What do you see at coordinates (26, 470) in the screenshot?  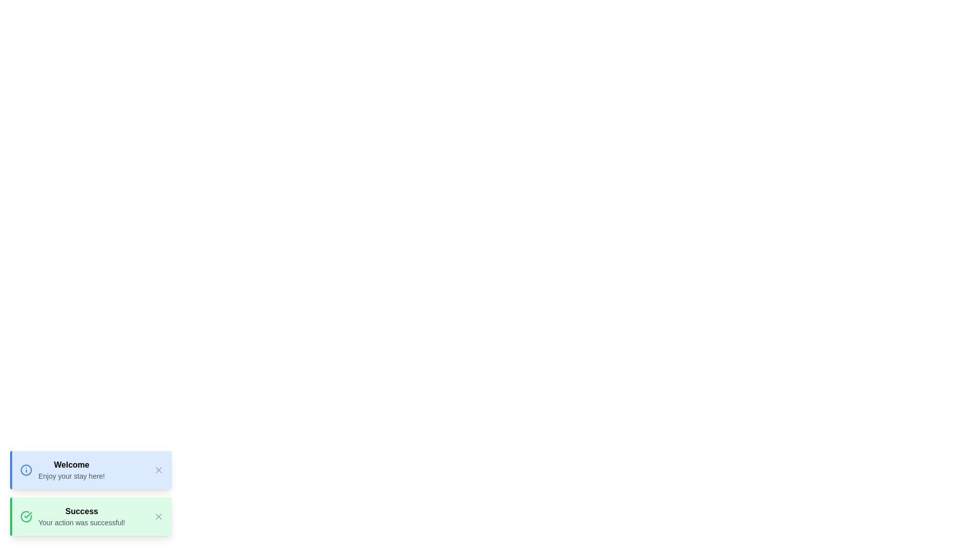 I see `the icon representing the notification type info` at bounding box center [26, 470].